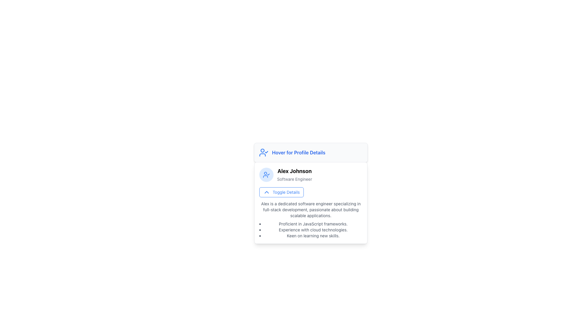  I want to click on the text-based list UI component that displays three distinct list items representing skills or attributes to trigger potential tooltips, so click(313, 229).